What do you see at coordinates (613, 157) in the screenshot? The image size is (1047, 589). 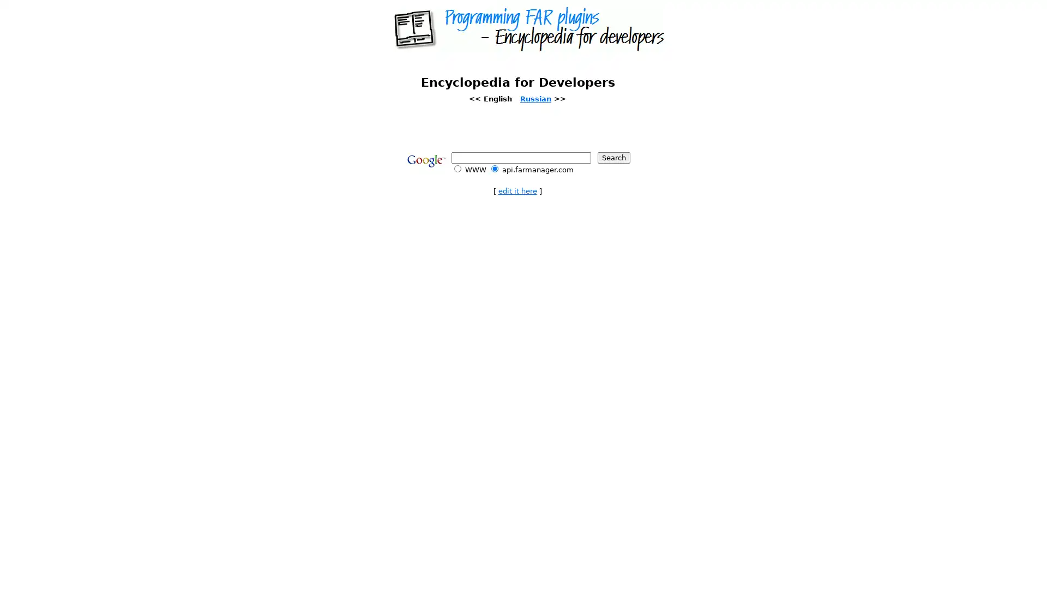 I see `Search` at bounding box center [613, 157].